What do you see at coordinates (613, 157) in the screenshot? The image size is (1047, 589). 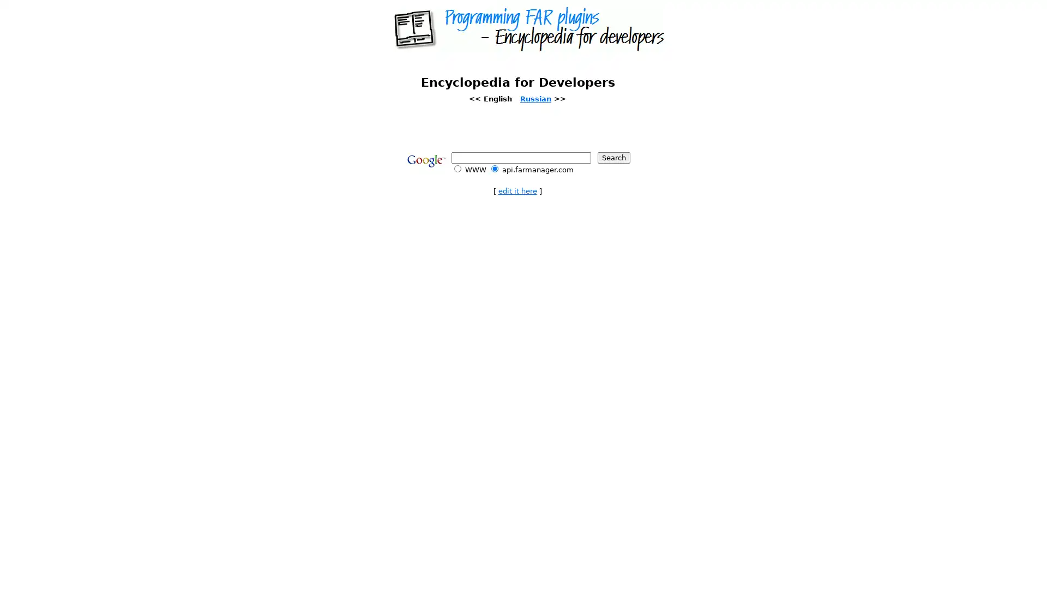 I see `Search` at bounding box center [613, 157].